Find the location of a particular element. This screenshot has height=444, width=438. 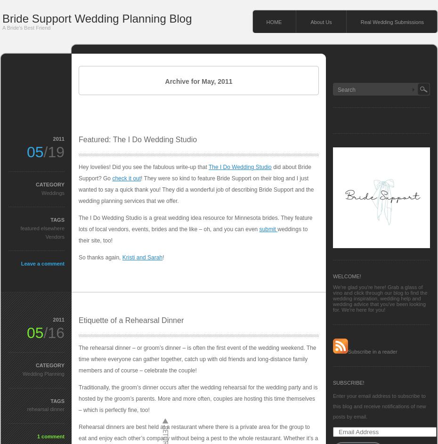

'We're glad you're here! Grab a glass of vino and click through our blog to find the wedding inspiration, wedding help and wedding advice that you've been looking for. We're here for you!' is located at coordinates (379, 298).